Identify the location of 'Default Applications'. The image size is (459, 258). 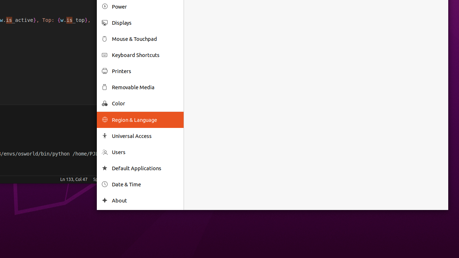
(145, 168).